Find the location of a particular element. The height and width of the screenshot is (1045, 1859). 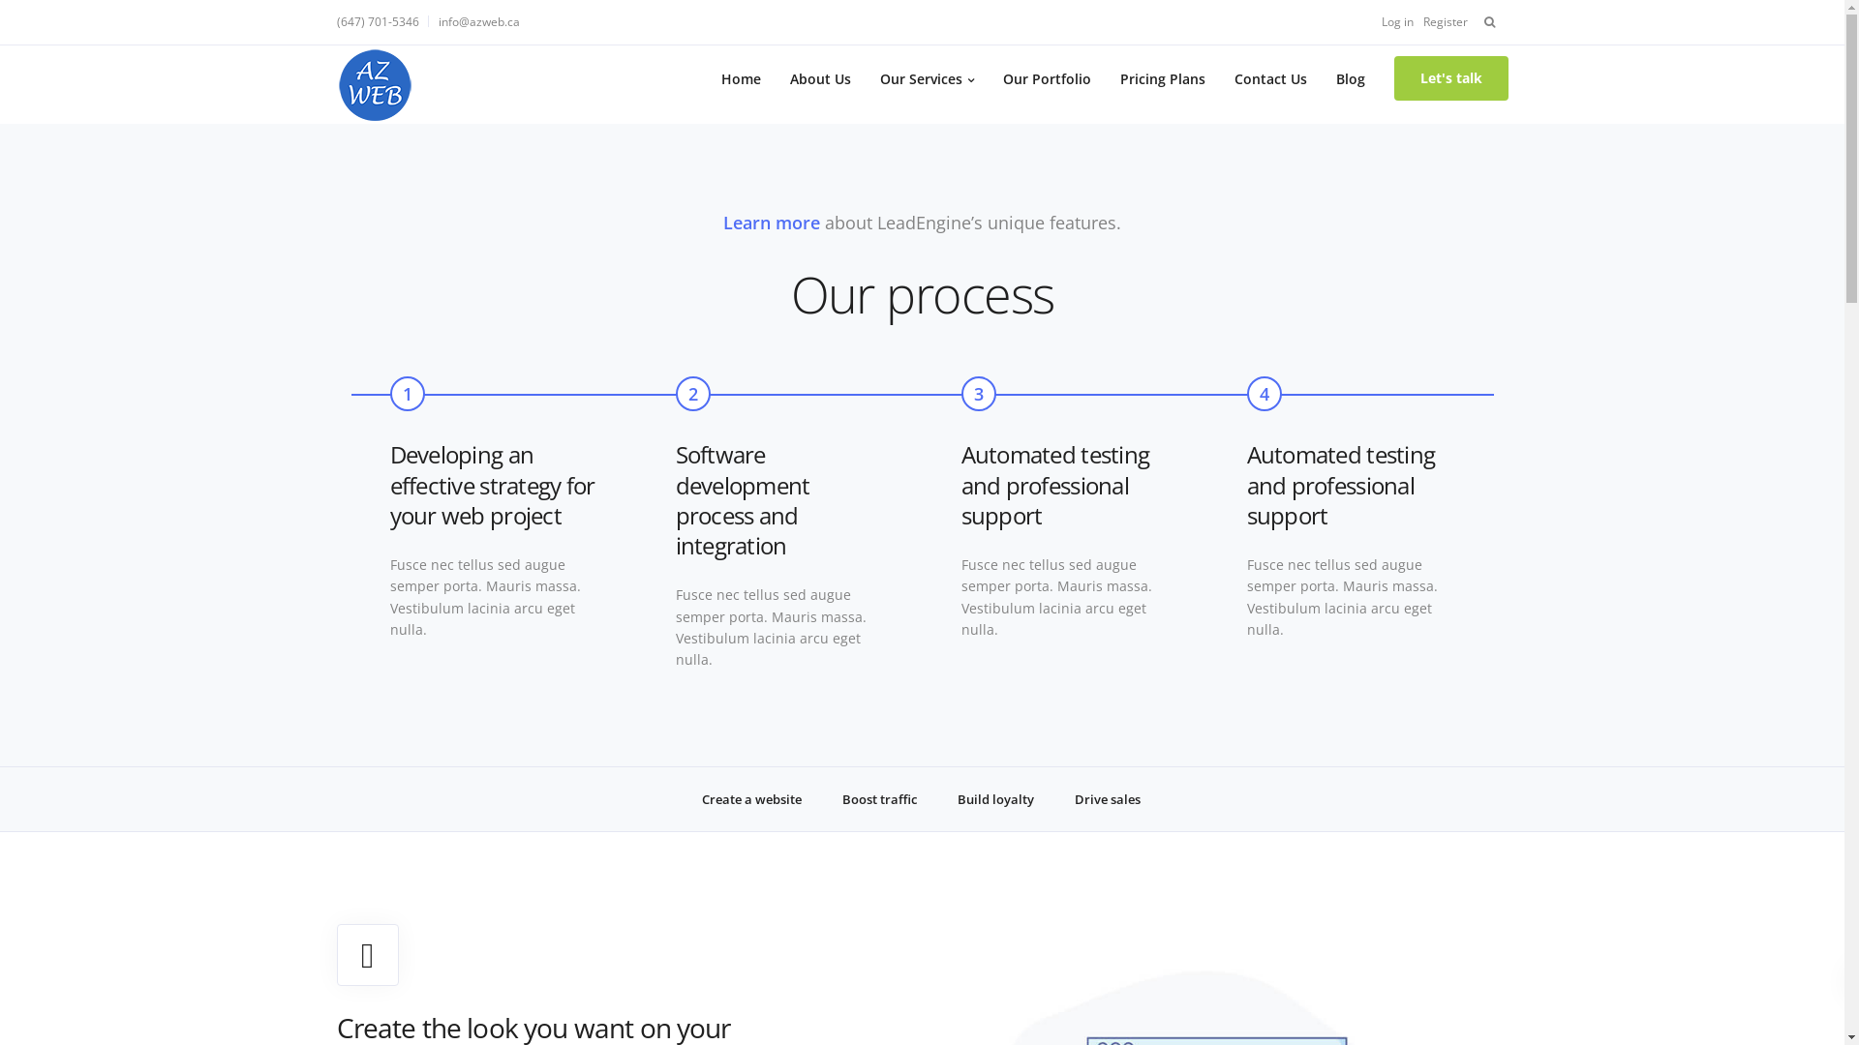

'Create a website' is located at coordinates (750, 799).